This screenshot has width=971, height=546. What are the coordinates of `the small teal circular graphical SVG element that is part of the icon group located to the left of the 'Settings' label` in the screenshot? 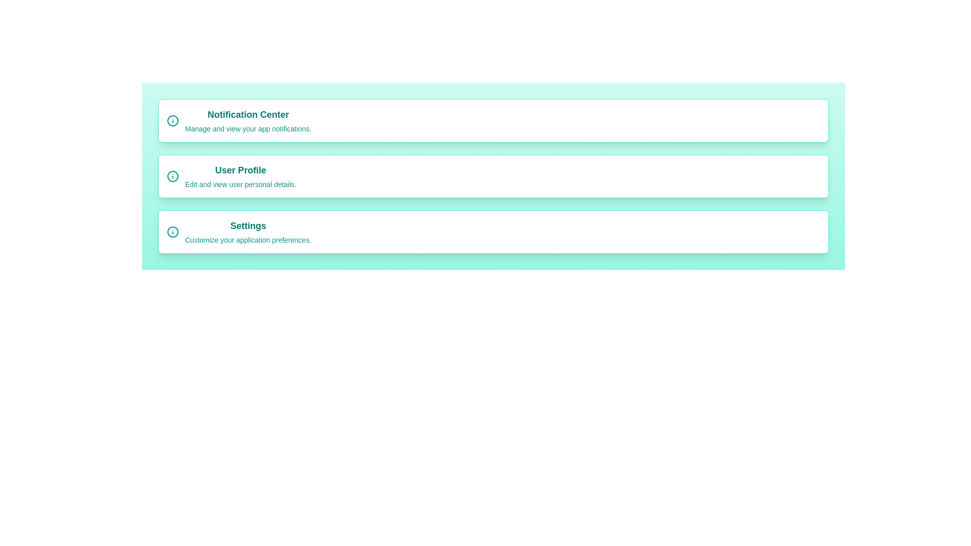 It's located at (172, 232).